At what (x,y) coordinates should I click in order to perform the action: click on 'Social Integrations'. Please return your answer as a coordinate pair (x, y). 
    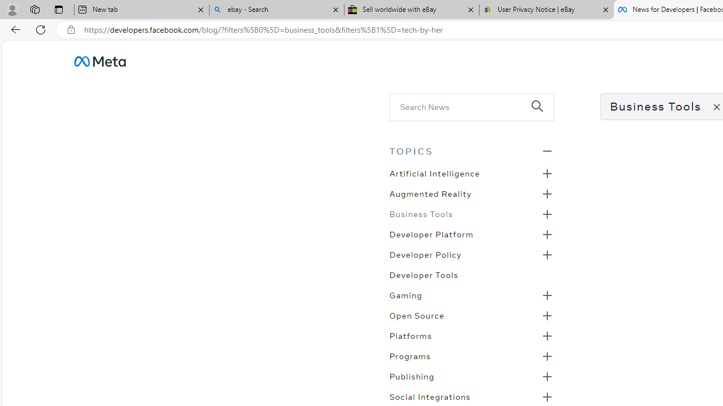
    Looking at the image, I should click on (429, 395).